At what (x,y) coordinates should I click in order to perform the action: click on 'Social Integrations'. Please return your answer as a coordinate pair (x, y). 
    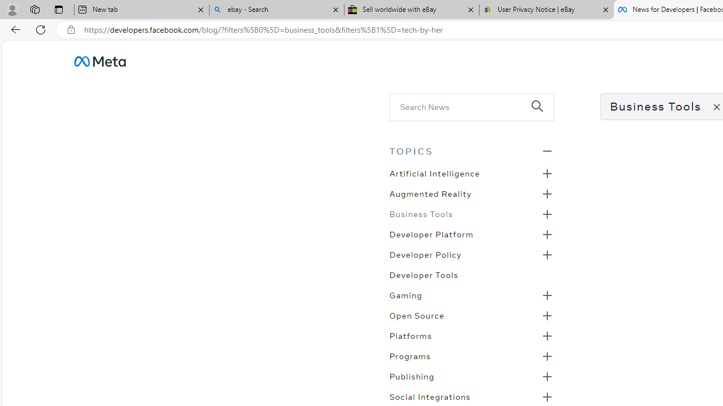
    Looking at the image, I should click on (429, 395).